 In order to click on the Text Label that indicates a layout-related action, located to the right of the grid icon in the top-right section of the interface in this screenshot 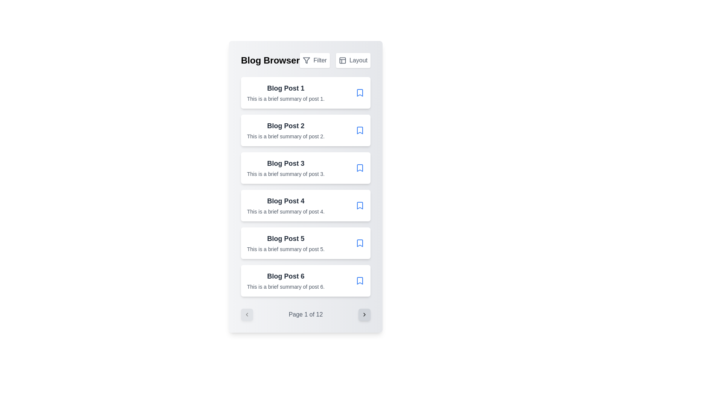, I will do `click(358, 60)`.